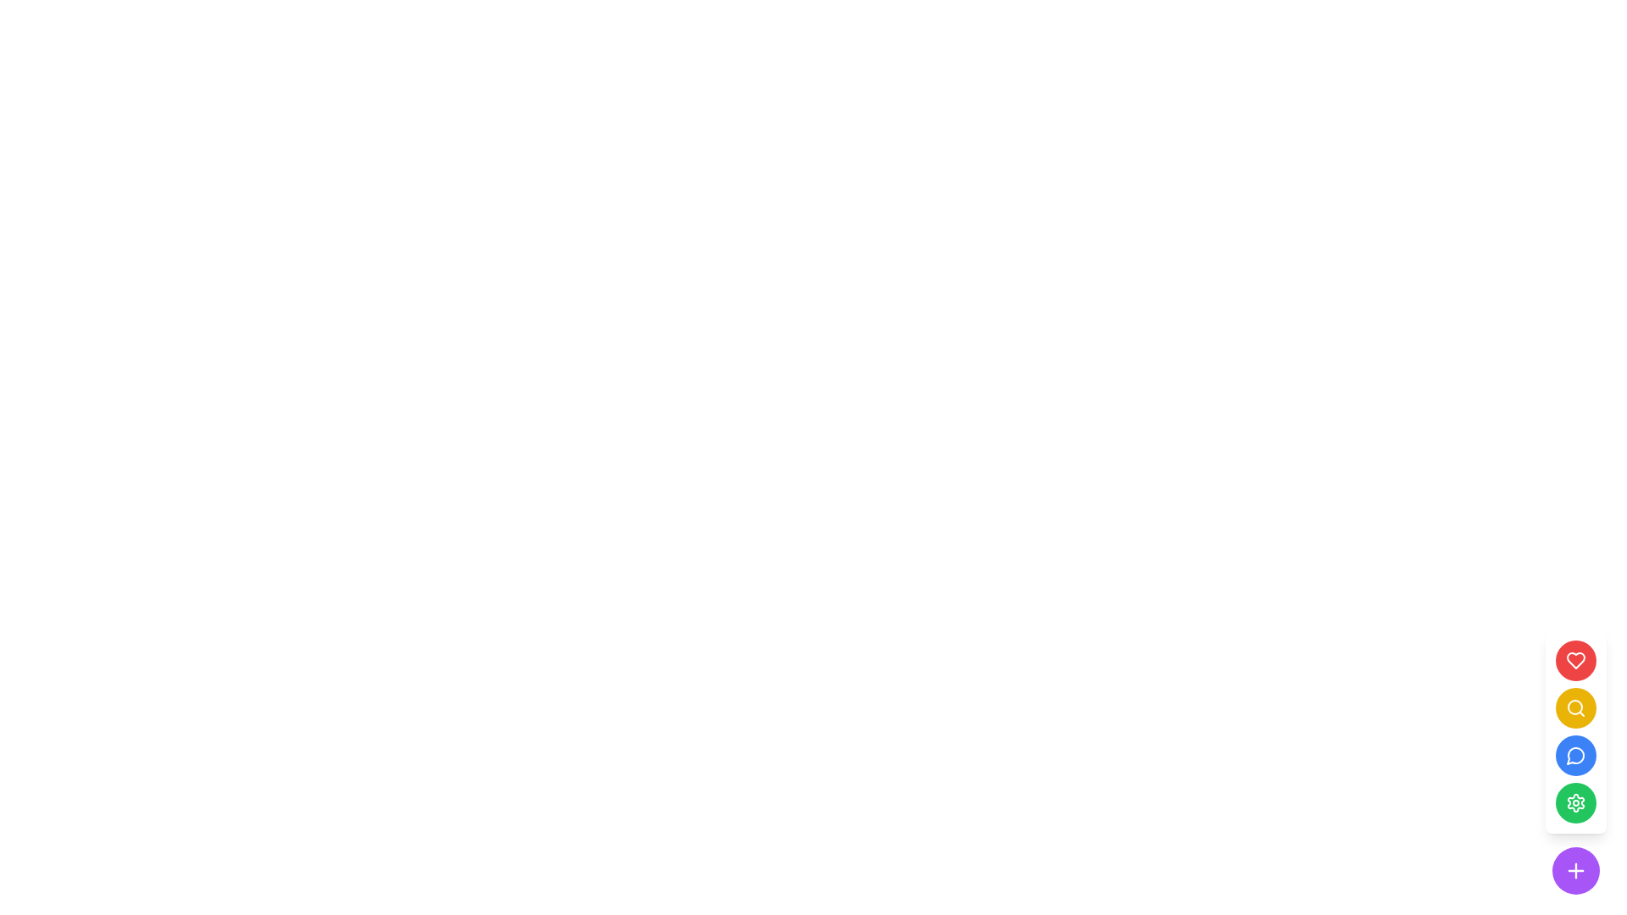  I want to click on the third button in a vertical stack located in the bottom-right corner of the interface, so click(1575, 754).